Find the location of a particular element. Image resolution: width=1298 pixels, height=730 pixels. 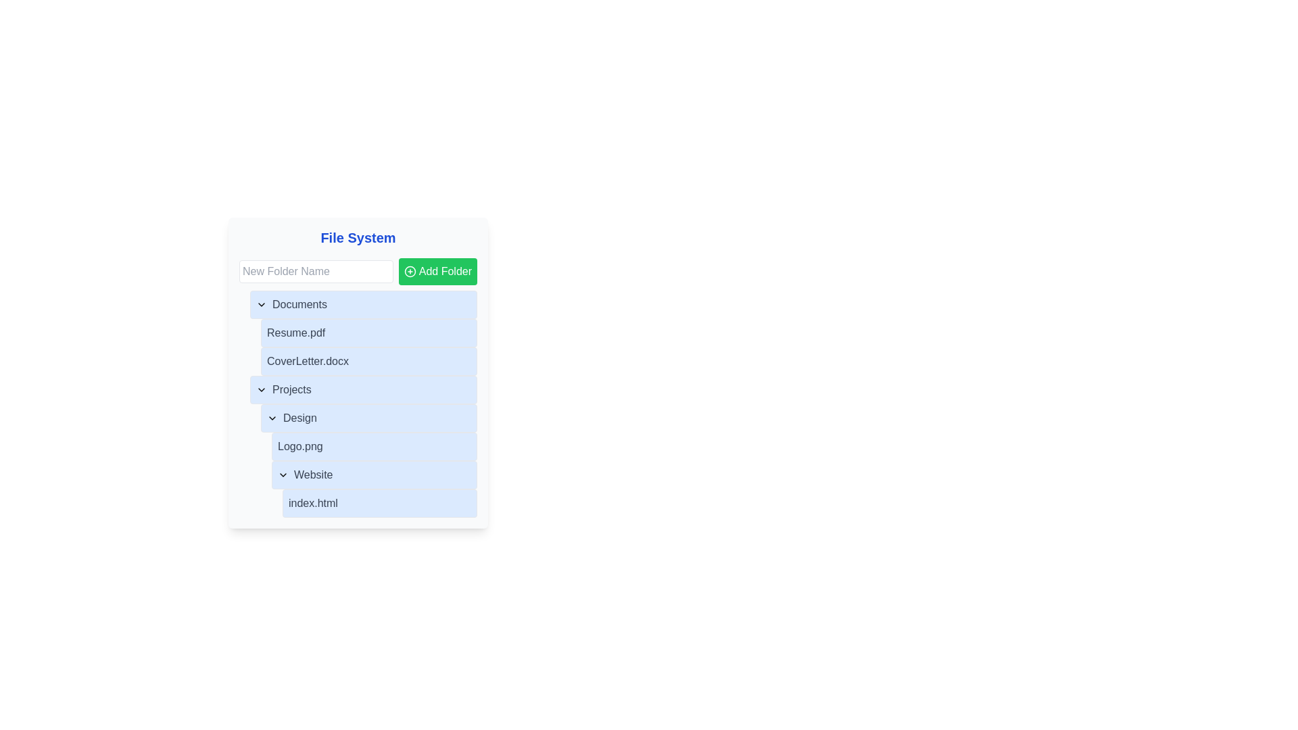

the static text label representing the 'Logo.png' file located within the 'Design' folder in the 'Projects' section of the file manager interface is located at coordinates (299, 446).